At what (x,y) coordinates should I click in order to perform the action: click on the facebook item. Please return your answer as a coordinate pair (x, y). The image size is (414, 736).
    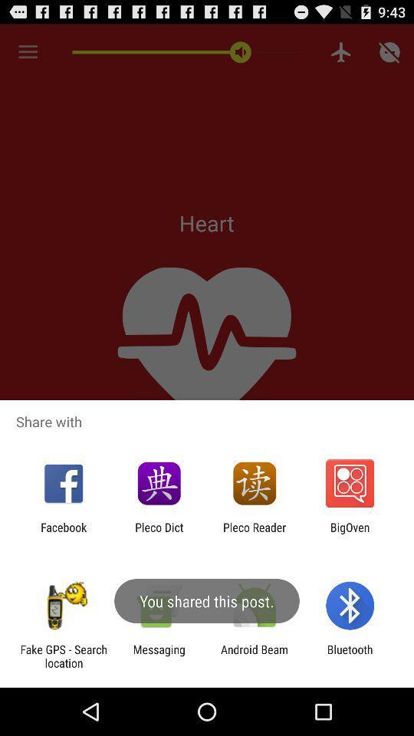
    Looking at the image, I should click on (63, 534).